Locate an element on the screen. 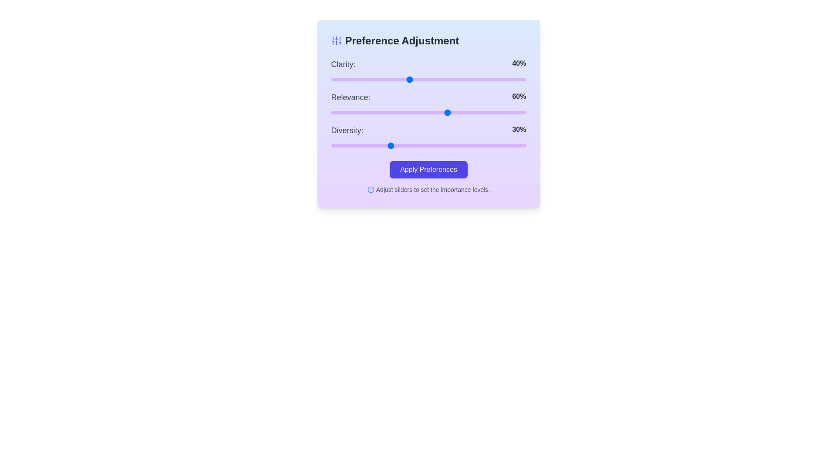  the 1 slider to 10% is located at coordinates (351, 112).